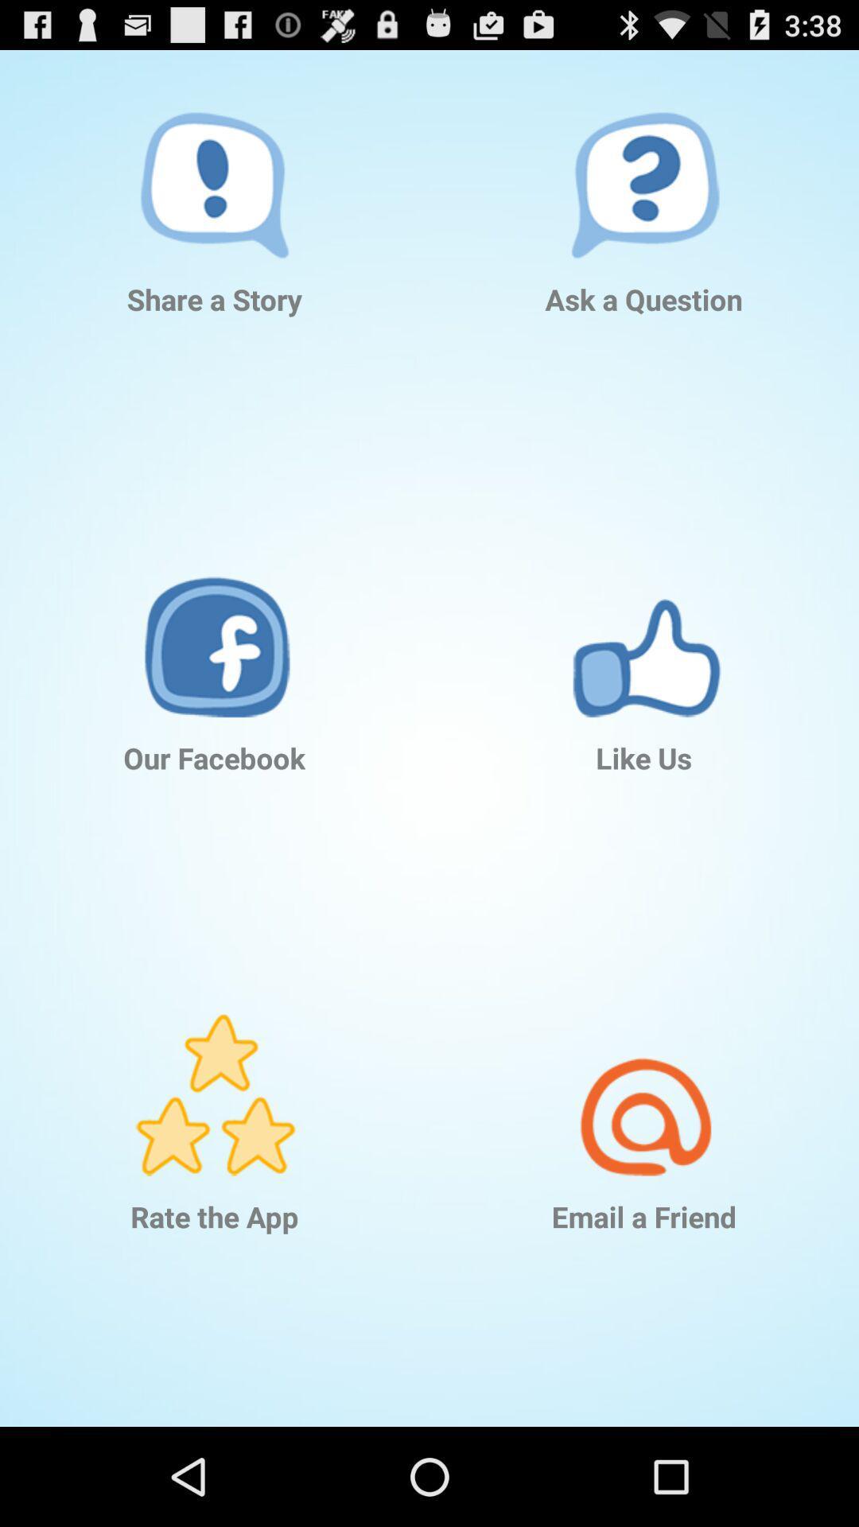  What do you see at coordinates (644, 612) in the screenshot?
I see `the icon above the like us` at bounding box center [644, 612].